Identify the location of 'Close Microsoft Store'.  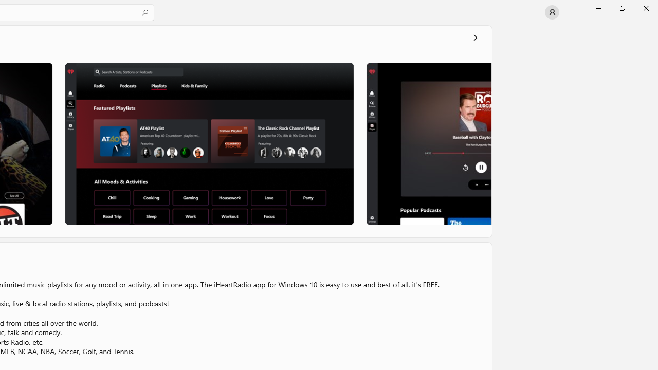
(645, 8).